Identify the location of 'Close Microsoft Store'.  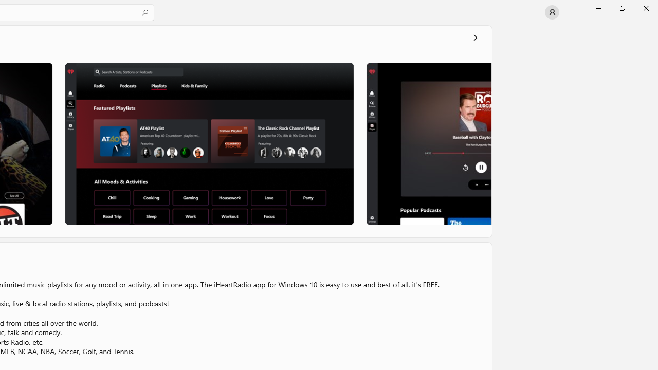
(645, 8).